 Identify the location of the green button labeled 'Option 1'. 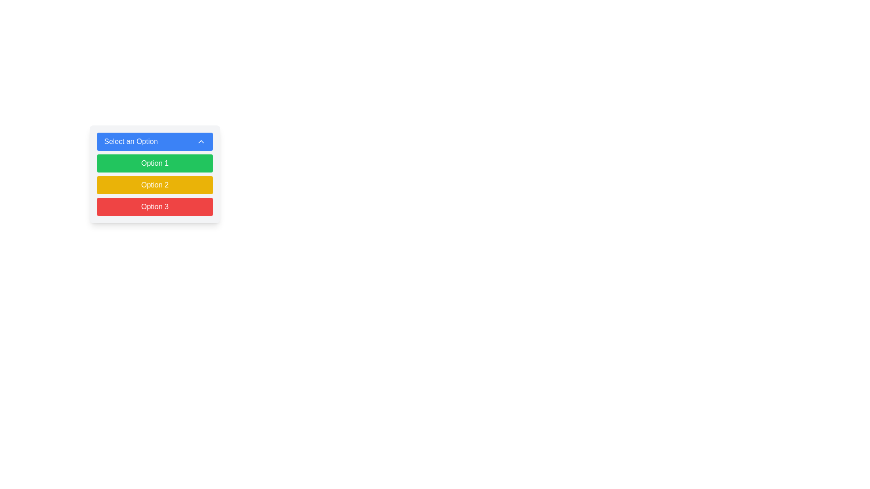
(155, 163).